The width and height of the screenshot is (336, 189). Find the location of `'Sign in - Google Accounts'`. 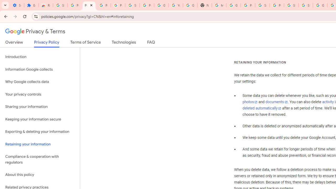

'Sign in - Google Accounts' is located at coordinates (306, 5).